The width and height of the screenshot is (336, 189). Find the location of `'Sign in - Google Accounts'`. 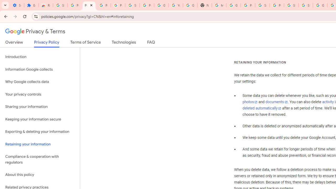

'Sign in - Google Accounts' is located at coordinates (306, 5).